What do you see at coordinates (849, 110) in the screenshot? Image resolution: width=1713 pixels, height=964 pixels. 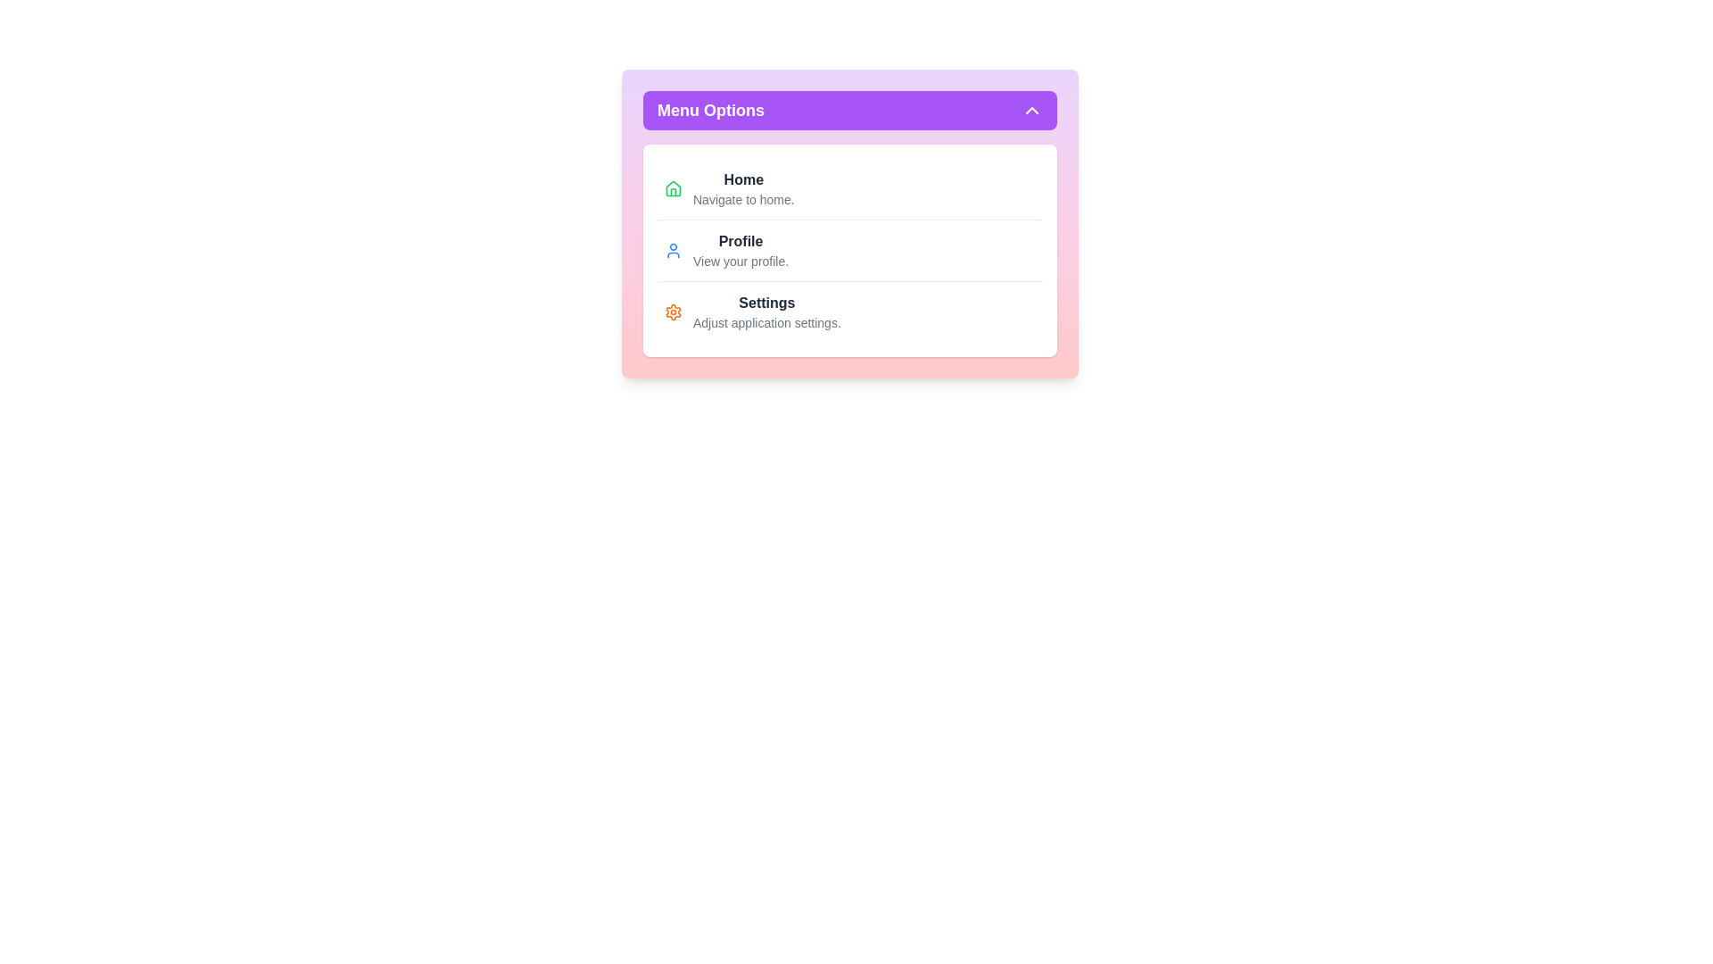 I see `toggle button to toggle the menu visibility` at bounding box center [849, 110].